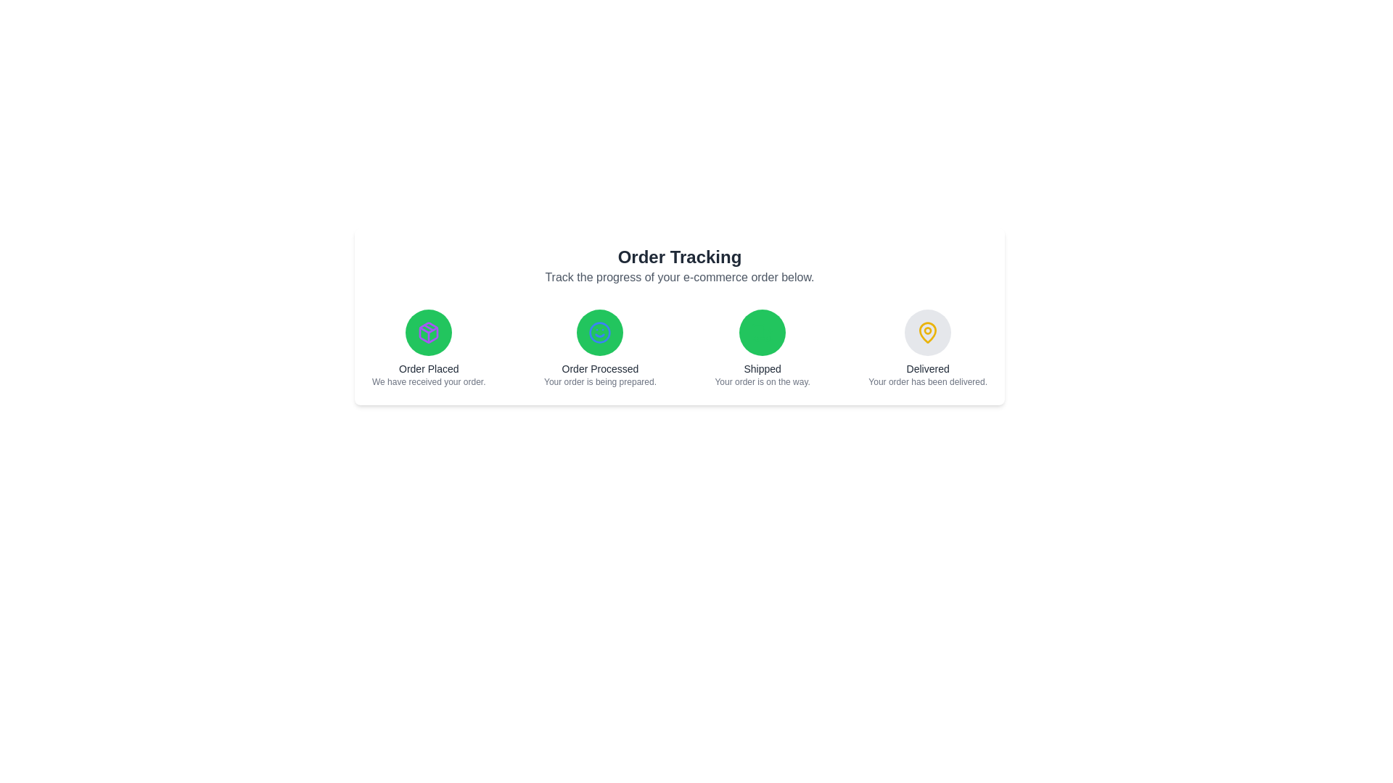  What do you see at coordinates (927, 333) in the screenshot?
I see `the delivery stage icon, which is the fourth icon in a horizontal sequence representing different stages of order tracking, located under the 'Delivered' stage label` at bounding box center [927, 333].